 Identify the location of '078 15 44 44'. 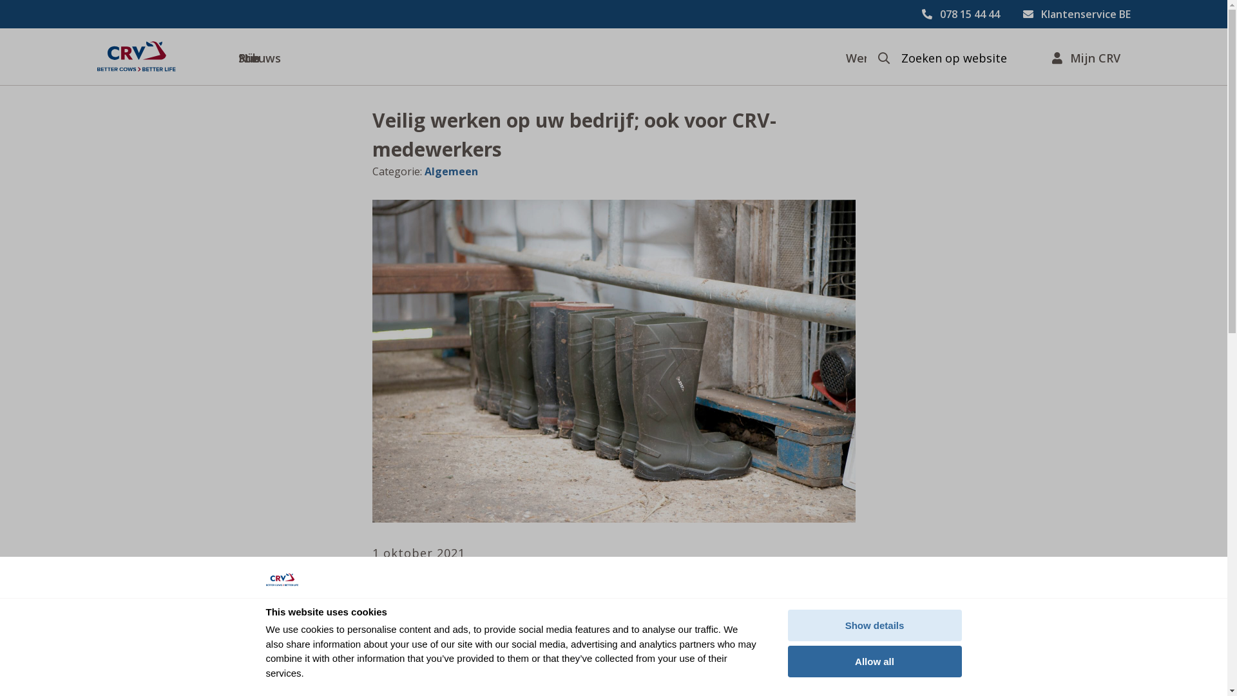
(921, 14).